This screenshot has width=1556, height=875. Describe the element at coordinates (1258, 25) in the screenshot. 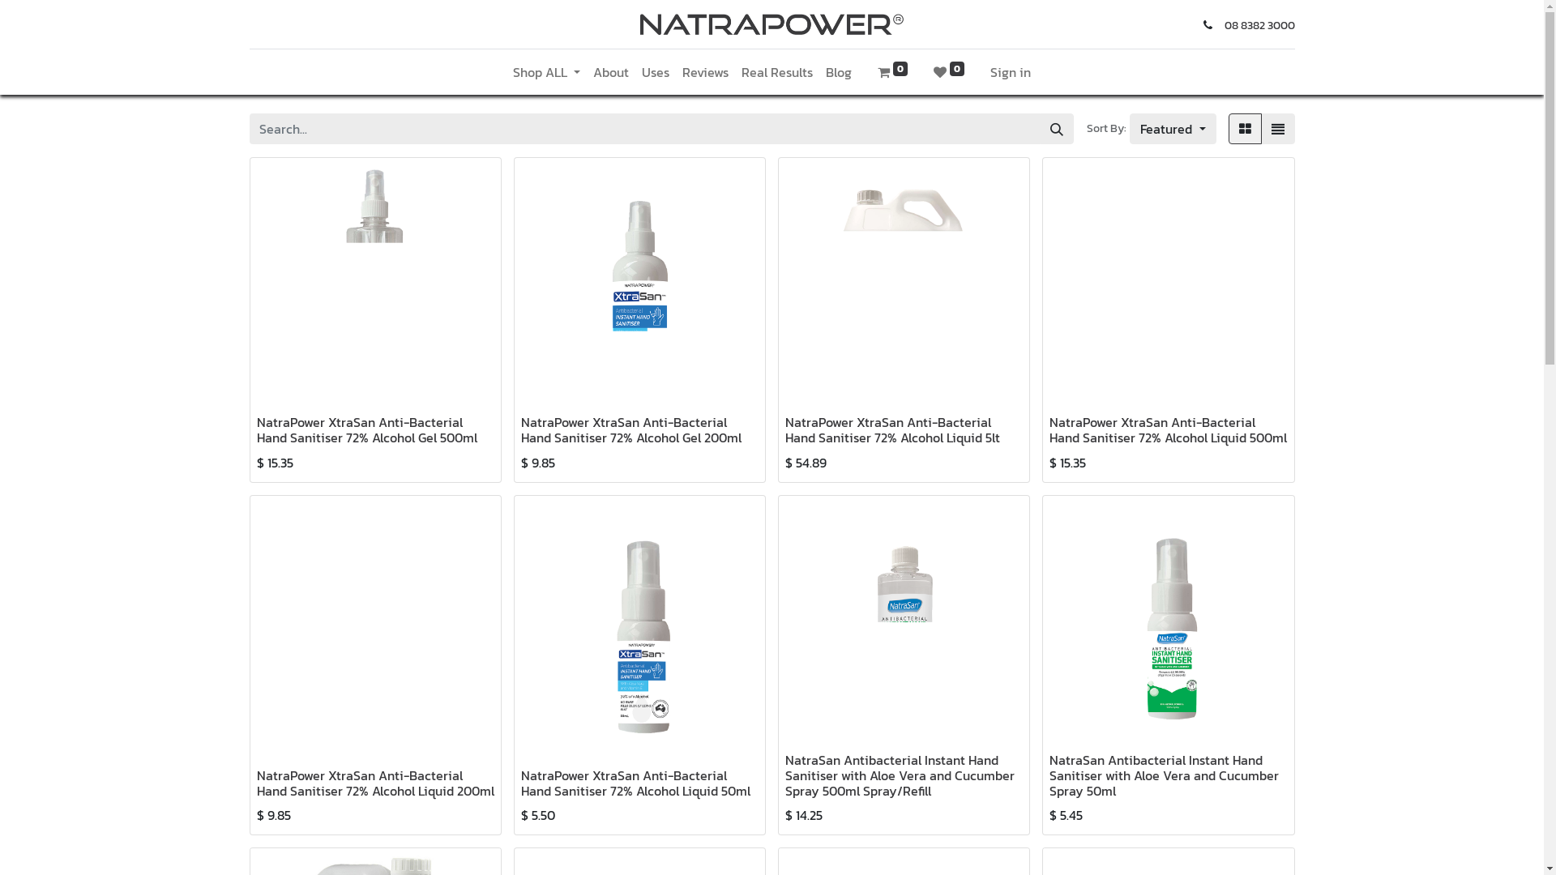

I see `'08 8382 3000'` at that location.